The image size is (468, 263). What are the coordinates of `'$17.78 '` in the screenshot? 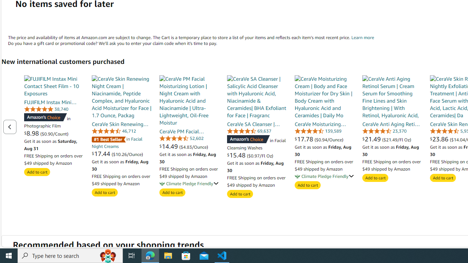 It's located at (305, 139).